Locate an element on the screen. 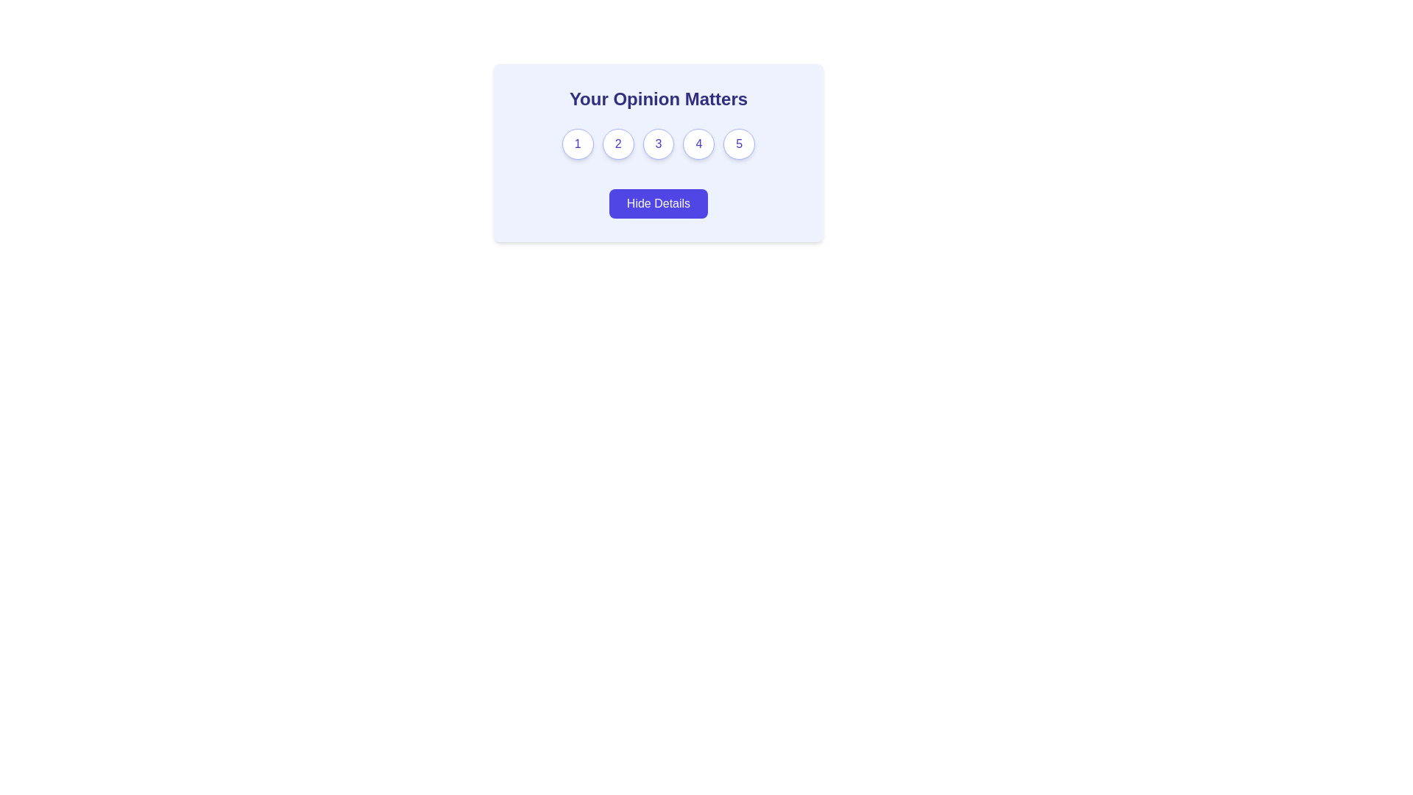  the button with the number '5' in indigo text, located at the far right of the row beneath the heading 'Your Opinion Matters' is located at coordinates (739, 144).